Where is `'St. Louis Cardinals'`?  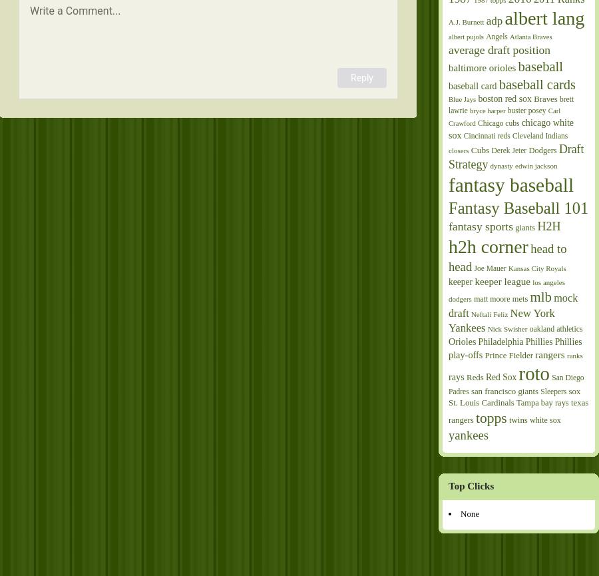
'St. Louis Cardinals' is located at coordinates (480, 402).